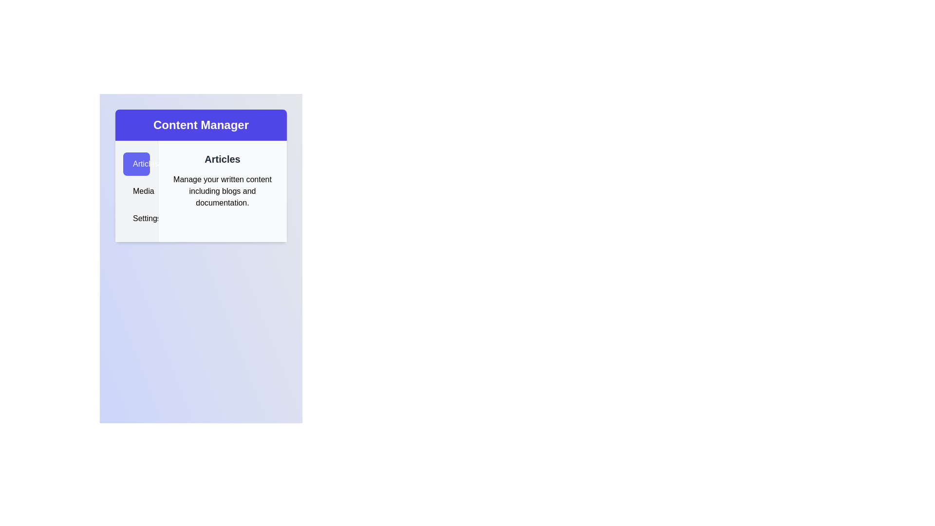 The height and width of the screenshot is (526, 935). What do you see at coordinates (136, 191) in the screenshot?
I see `the Media tab` at bounding box center [136, 191].